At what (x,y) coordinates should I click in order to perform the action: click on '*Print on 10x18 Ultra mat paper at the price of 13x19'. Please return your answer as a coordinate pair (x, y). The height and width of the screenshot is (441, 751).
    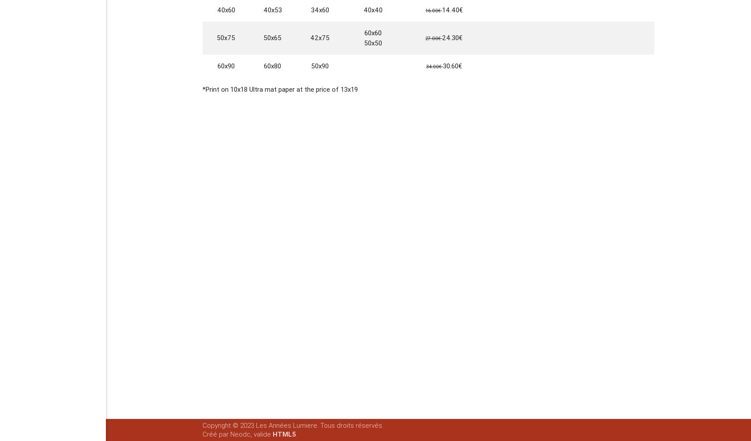
    Looking at the image, I should click on (280, 88).